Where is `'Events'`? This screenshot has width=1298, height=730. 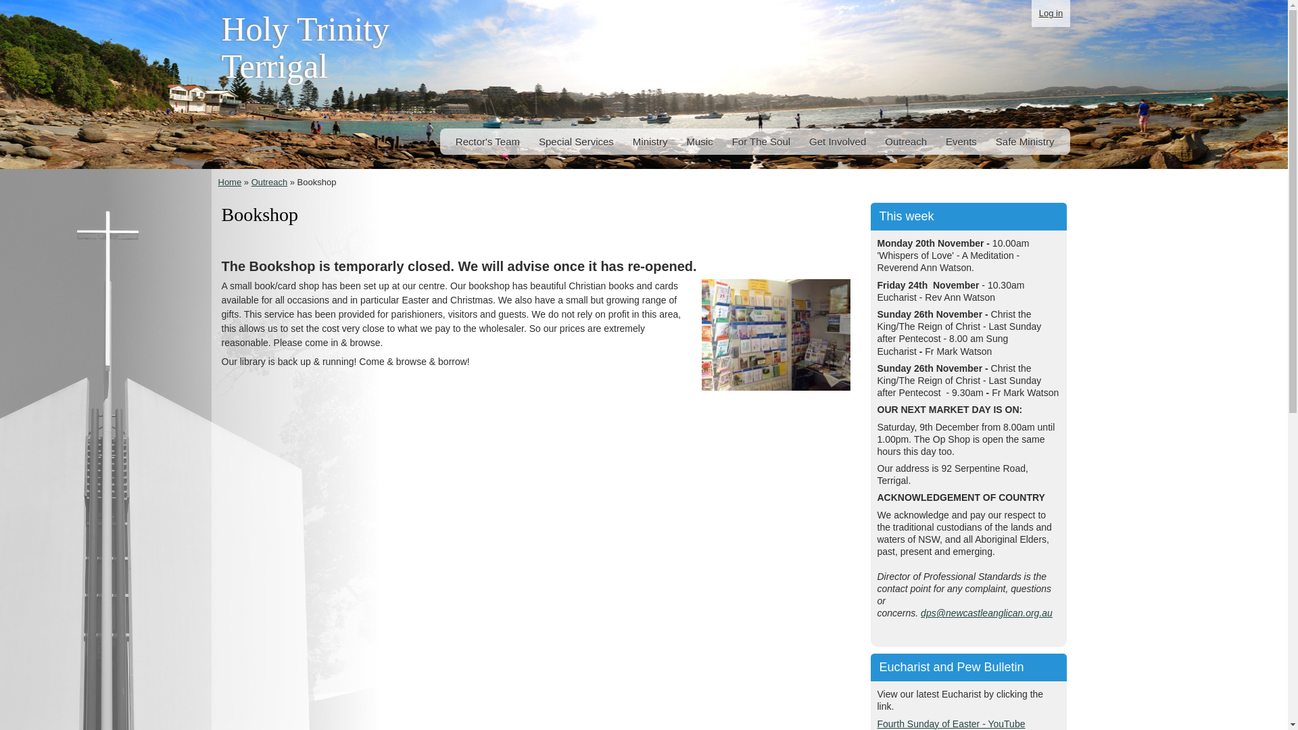 'Events' is located at coordinates (960, 141).